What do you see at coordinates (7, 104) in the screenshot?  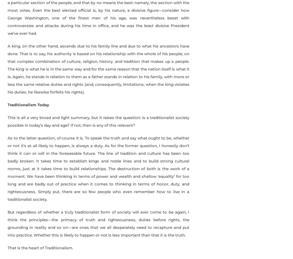 I see `'Traditionalism Today'` at bounding box center [7, 104].